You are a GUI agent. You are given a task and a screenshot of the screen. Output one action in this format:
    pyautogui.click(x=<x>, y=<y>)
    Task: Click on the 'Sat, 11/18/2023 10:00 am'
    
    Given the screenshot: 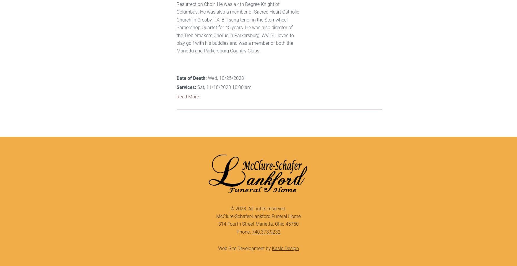 What is the action you would take?
    pyautogui.click(x=223, y=87)
    